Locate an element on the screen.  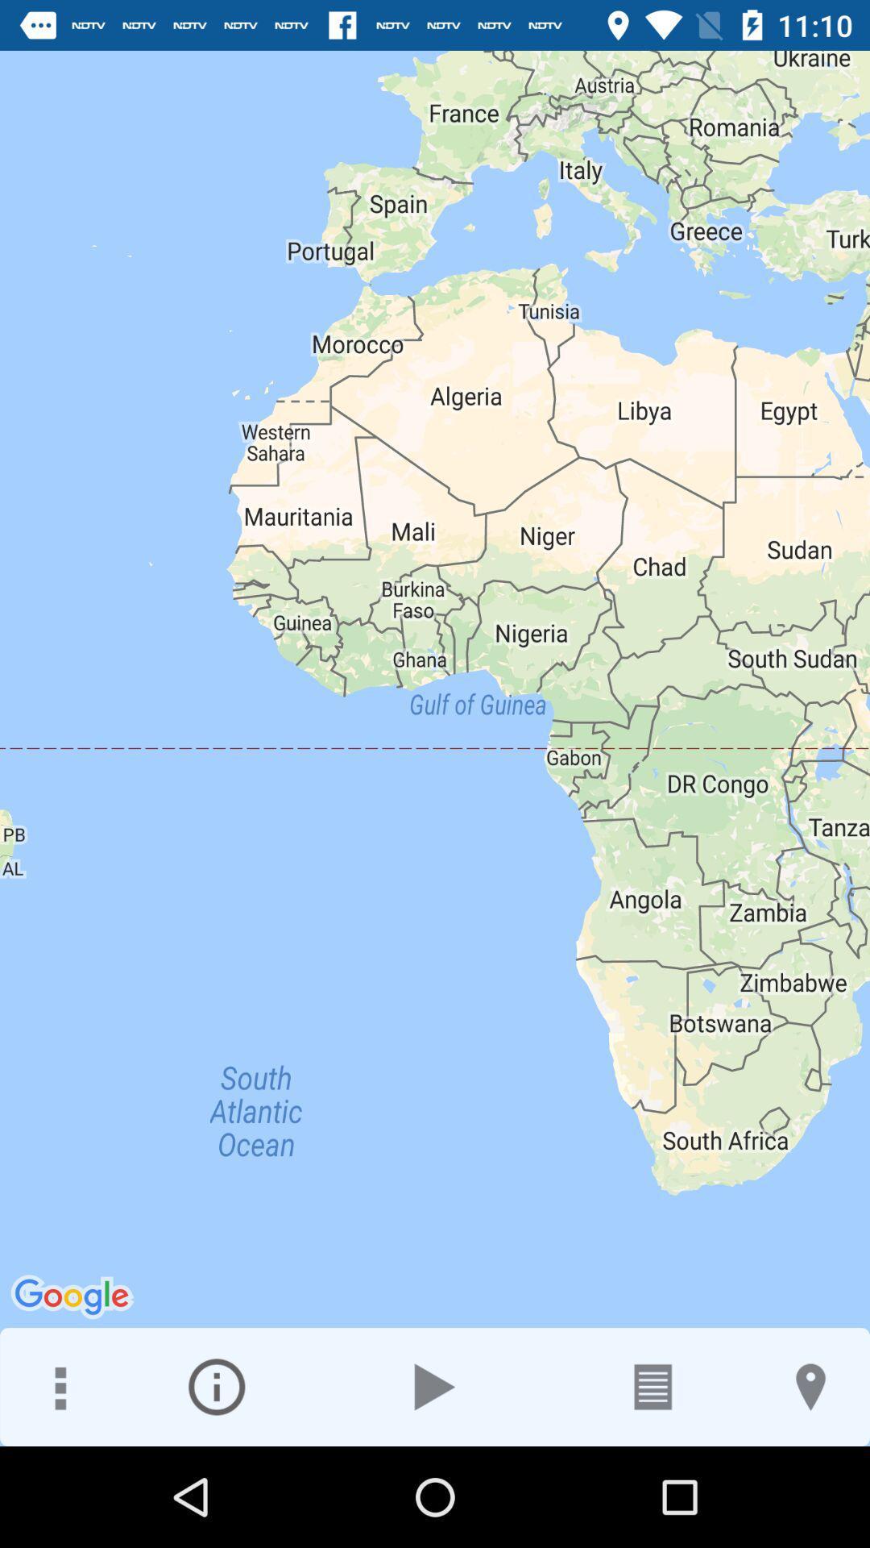
the icon at the center is located at coordinates (435, 747).